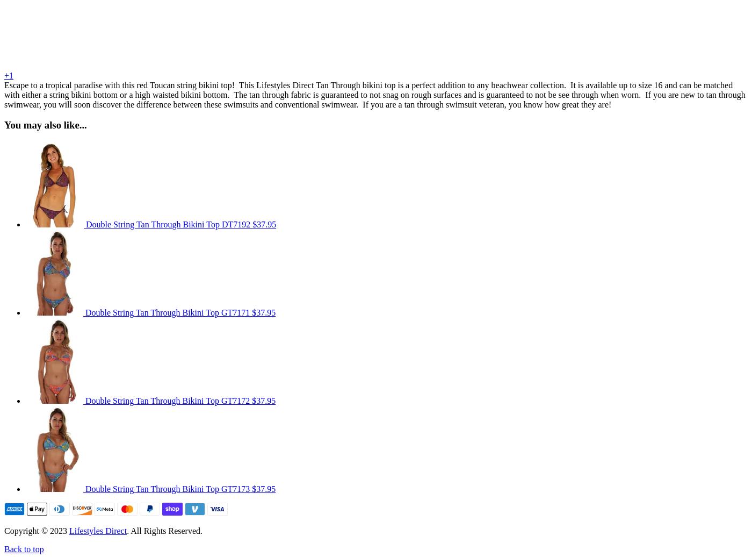  Describe the element at coordinates (169, 312) in the screenshot. I see `'Double String Tan Through Bikini Top GT7171'` at that location.